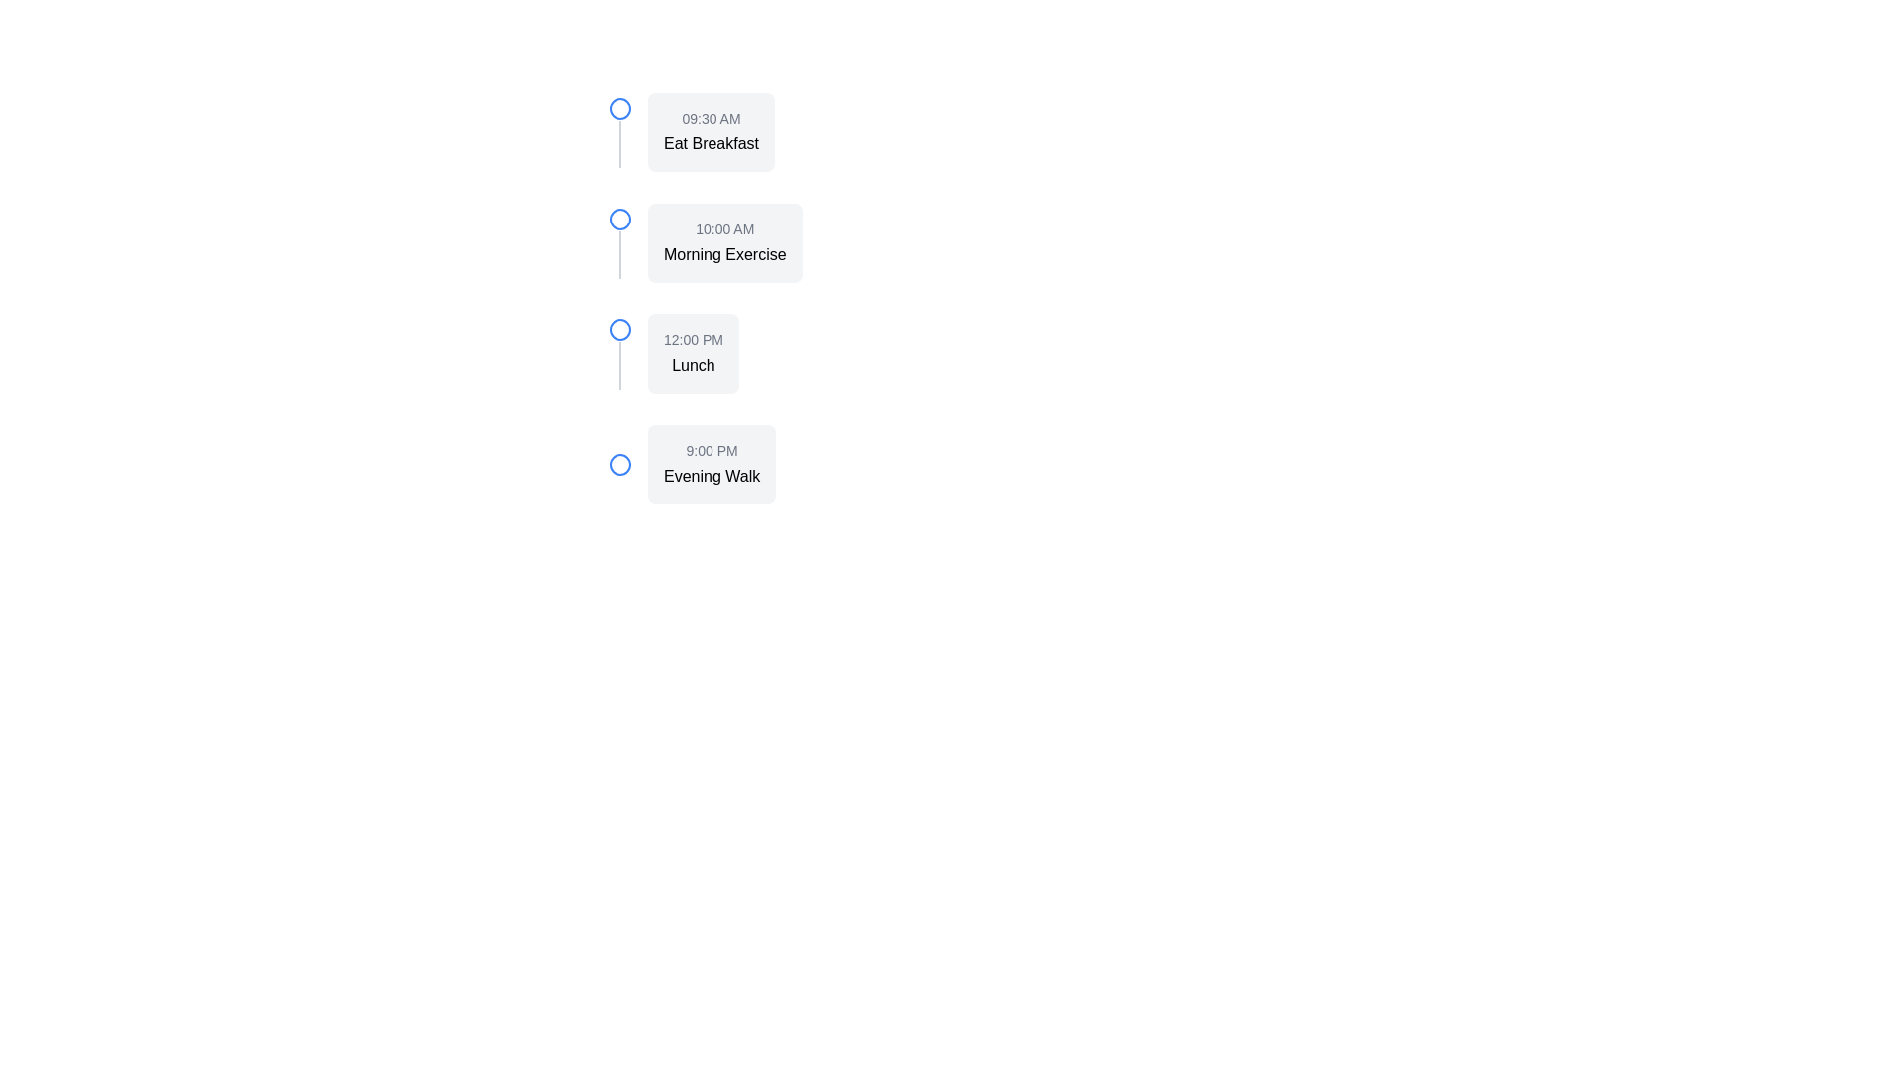 Image resolution: width=1900 pixels, height=1068 pixels. I want to click on time displayed on the text label that shows '12:00 PM' for the event labeled 'Lunch', located at the top section of the gray background rectangle, so click(693, 338).